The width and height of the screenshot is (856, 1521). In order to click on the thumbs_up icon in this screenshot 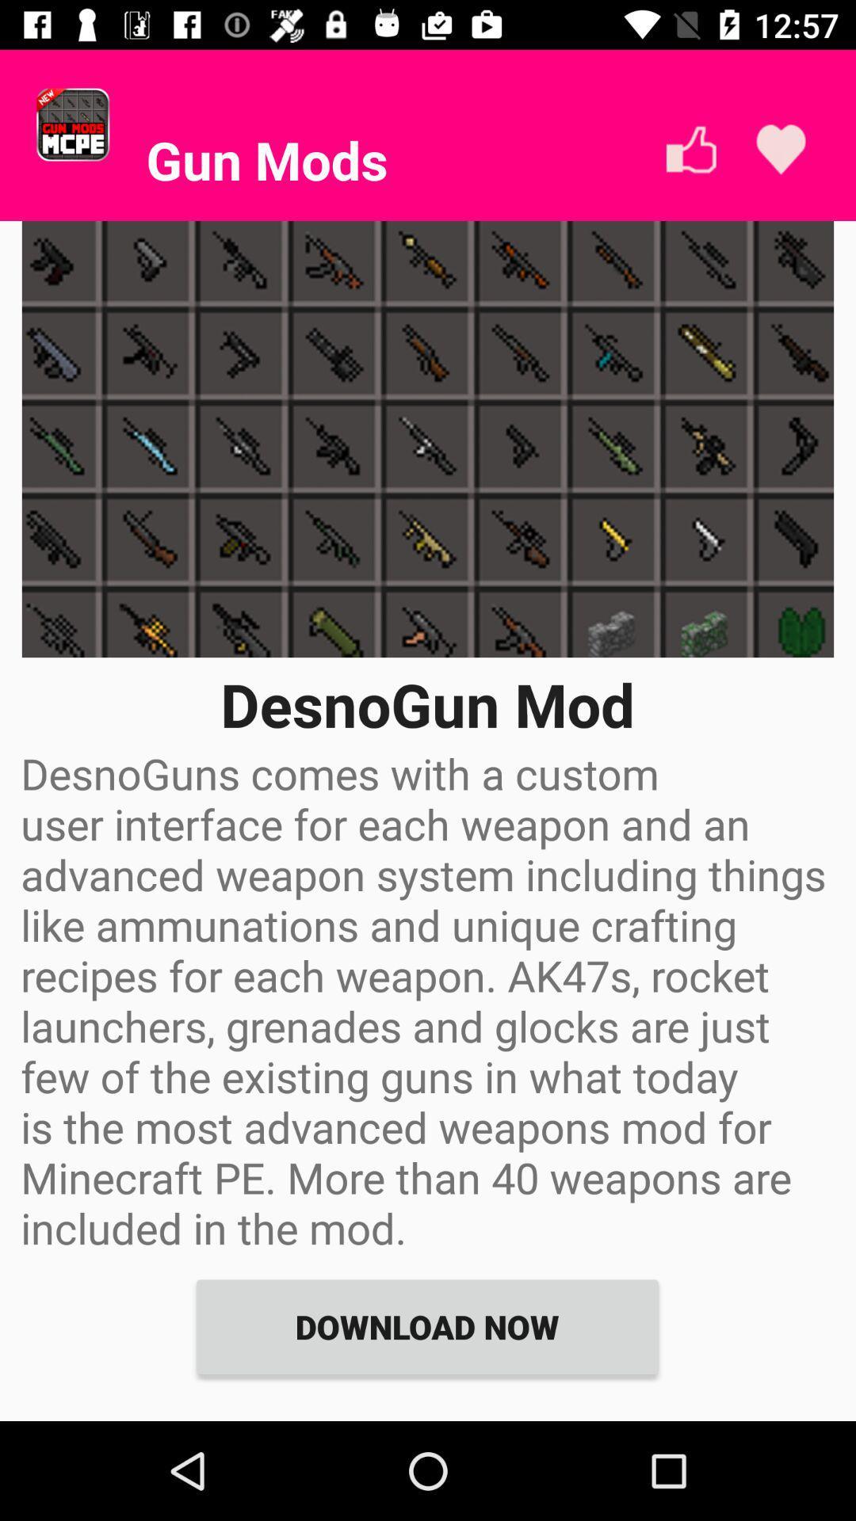, I will do `click(690, 149)`.